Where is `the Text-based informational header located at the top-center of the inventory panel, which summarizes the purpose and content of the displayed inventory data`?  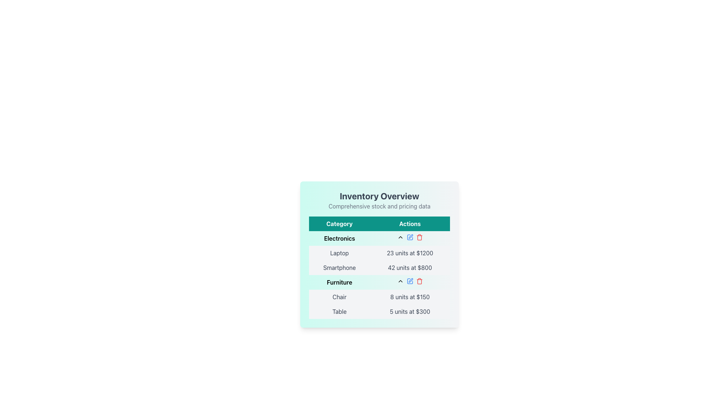
the Text-based informational header located at the top-center of the inventory panel, which summarizes the purpose and content of the displayed inventory data is located at coordinates (379, 200).